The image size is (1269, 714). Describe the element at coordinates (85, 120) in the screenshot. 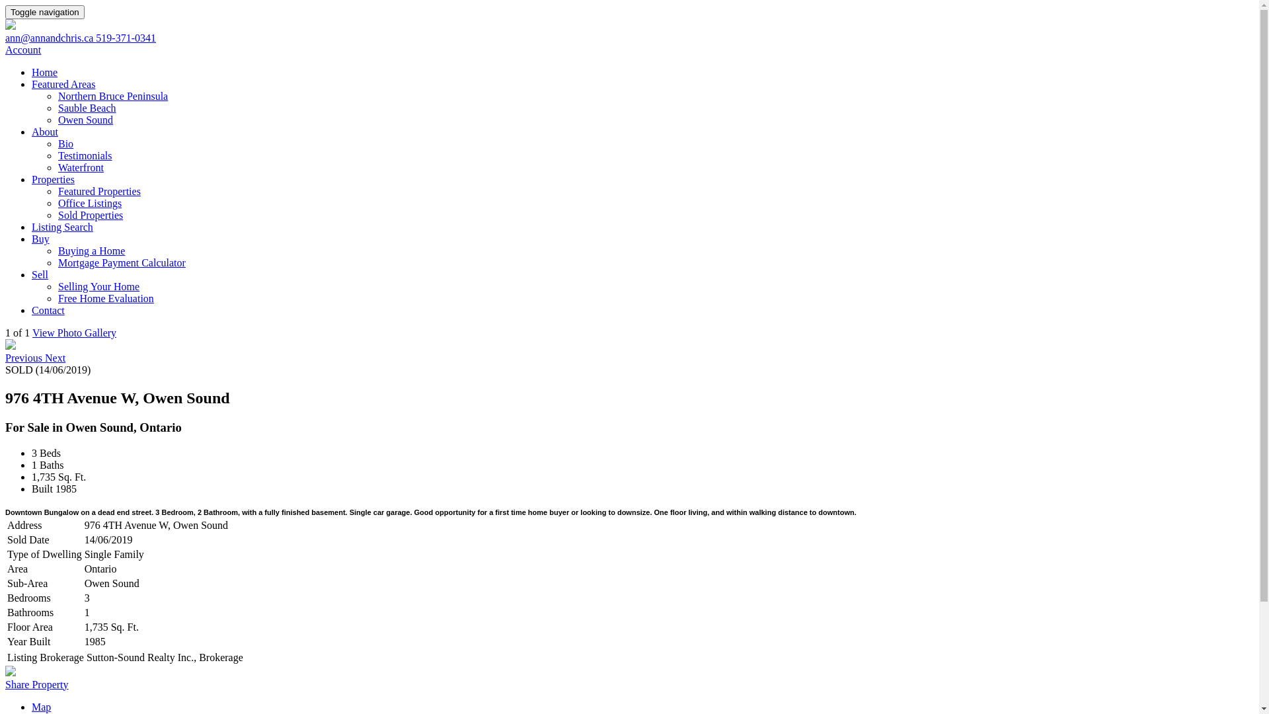

I see `'Owen Sound'` at that location.